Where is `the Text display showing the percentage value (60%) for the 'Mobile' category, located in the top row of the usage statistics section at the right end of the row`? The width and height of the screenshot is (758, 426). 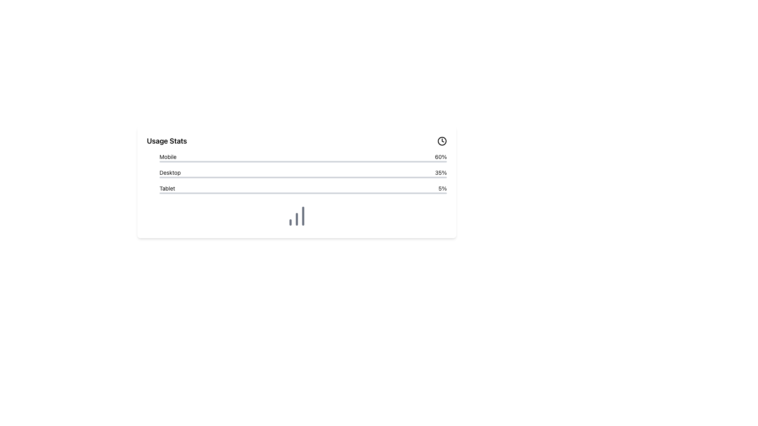
the Text display showing the percentage value (60%) for the 'Mobile' category, located in the top row of the usage statistics section at the right end of the row is located at coordinates (440, 157).